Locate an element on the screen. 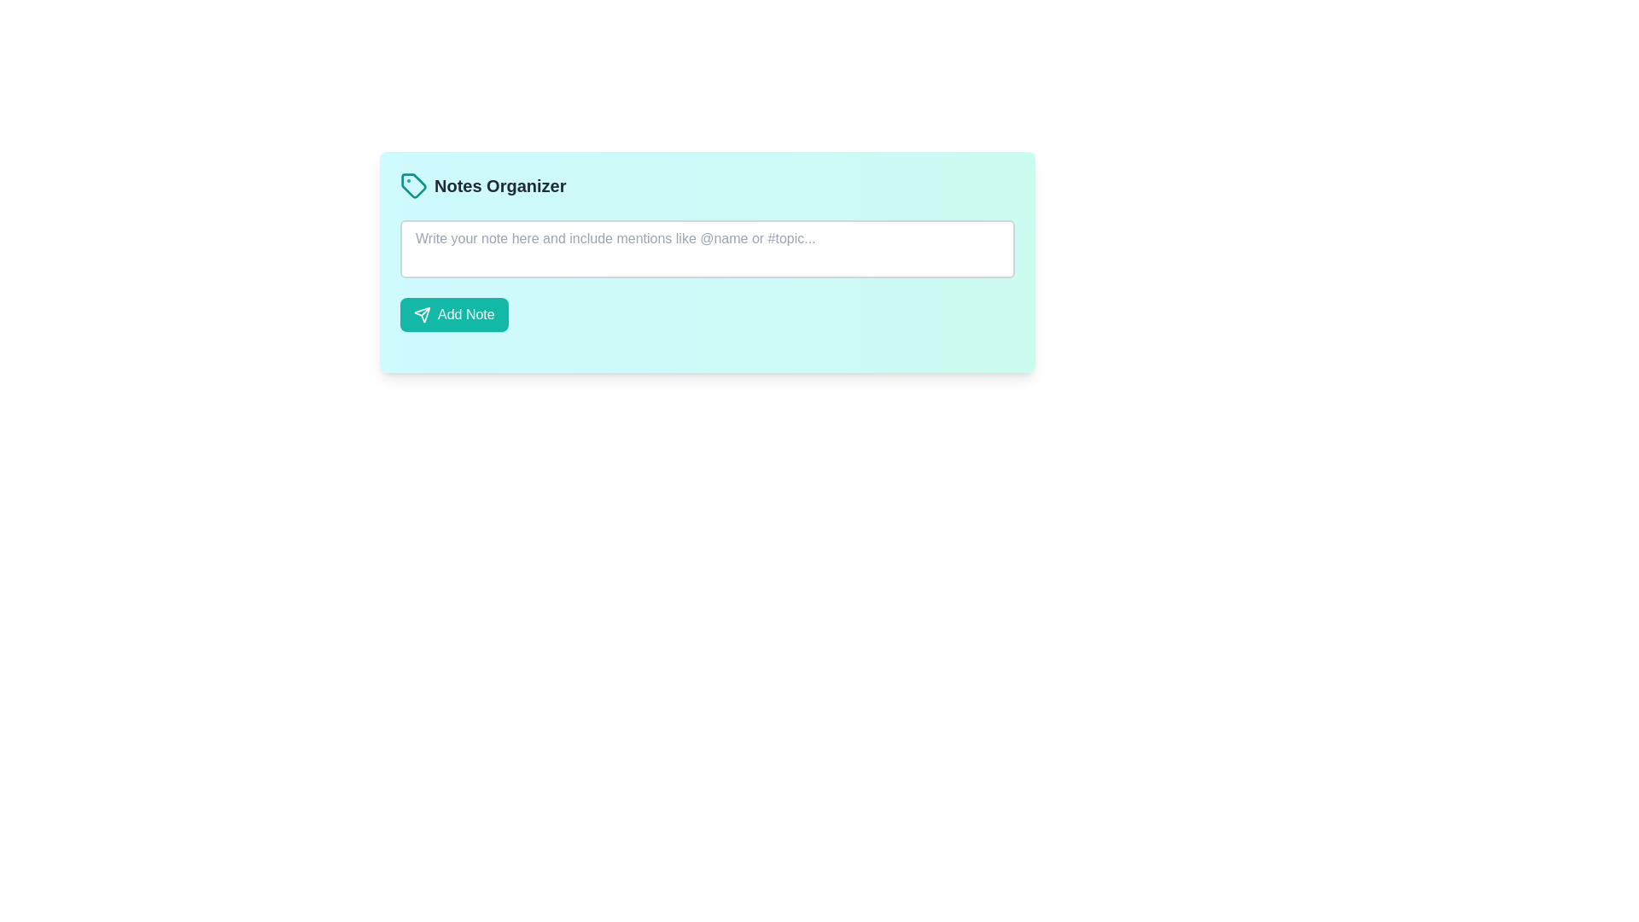 The height and width of the screenshot is (922, 1639). vector graphic within the 'Add Note' button's SVG, which symbolizes a featured action such as sending or adding an item is located at coordinates (425, 312).